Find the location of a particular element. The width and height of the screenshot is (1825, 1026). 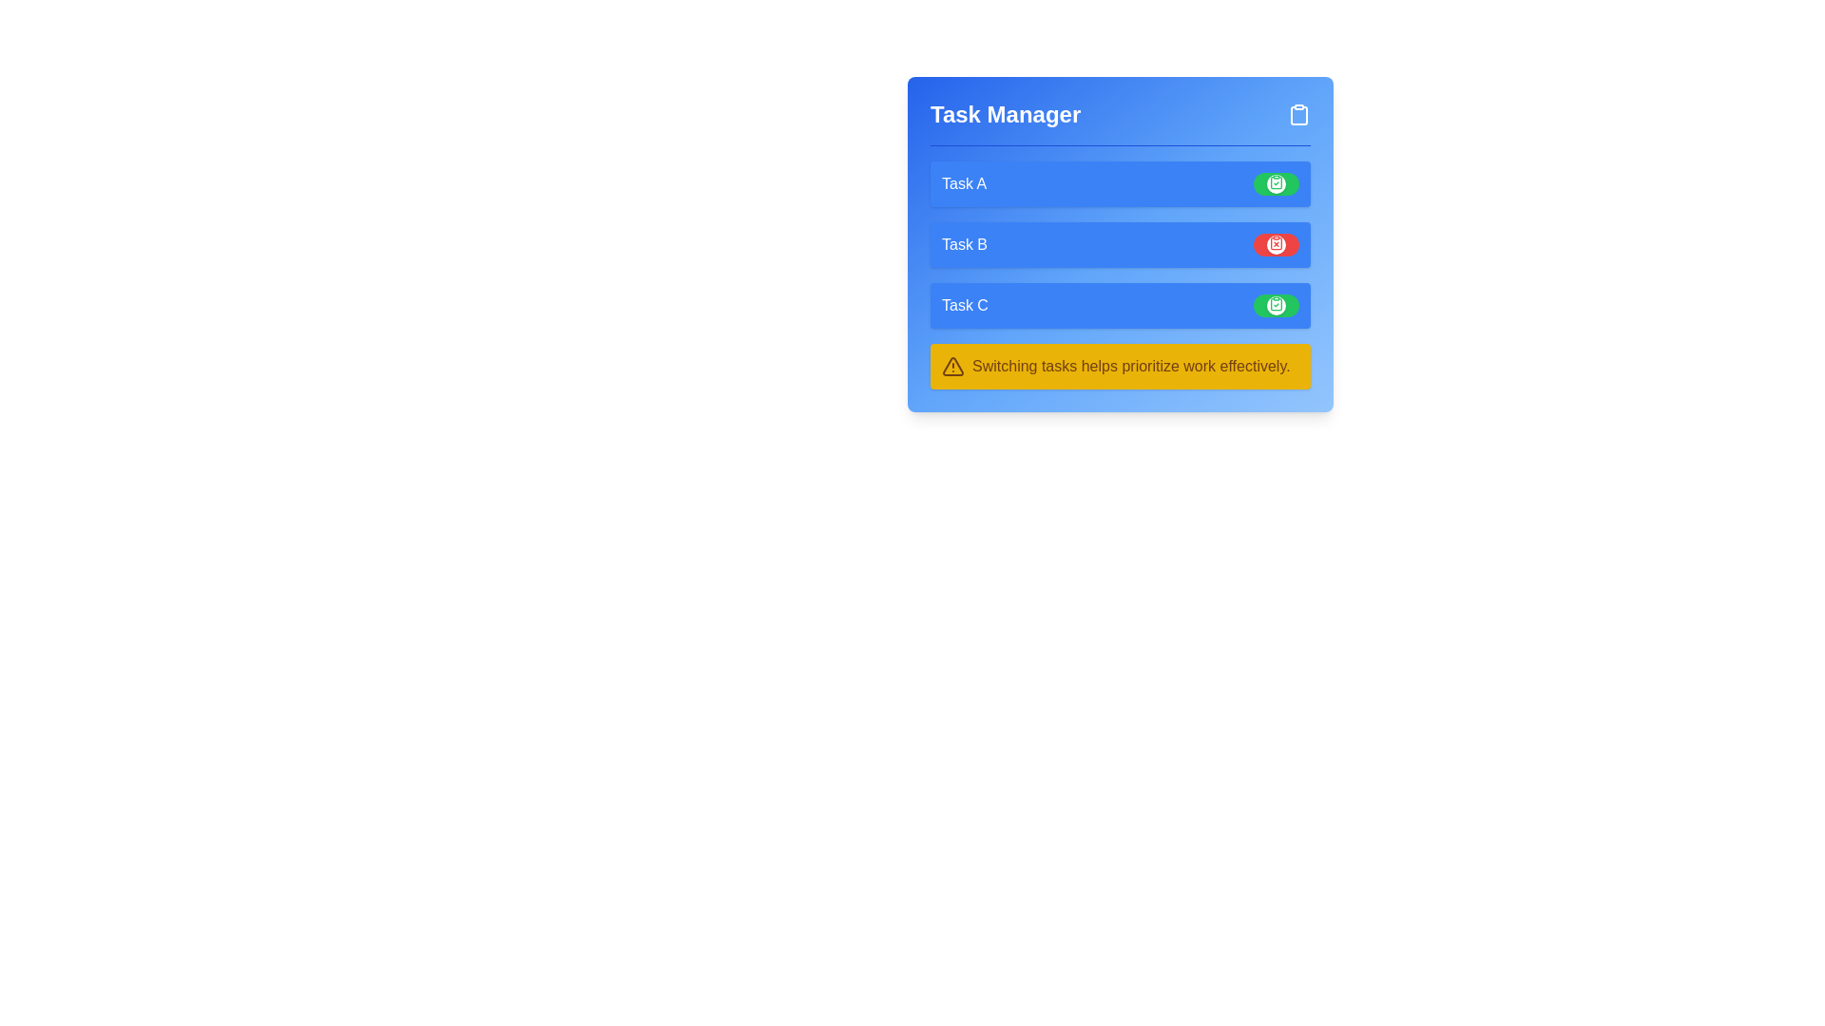

the toggle switch with a red background and white icon located to the right of the 'Task B' entry in the task manager to change the task state is located at coordinates (1277, 244).